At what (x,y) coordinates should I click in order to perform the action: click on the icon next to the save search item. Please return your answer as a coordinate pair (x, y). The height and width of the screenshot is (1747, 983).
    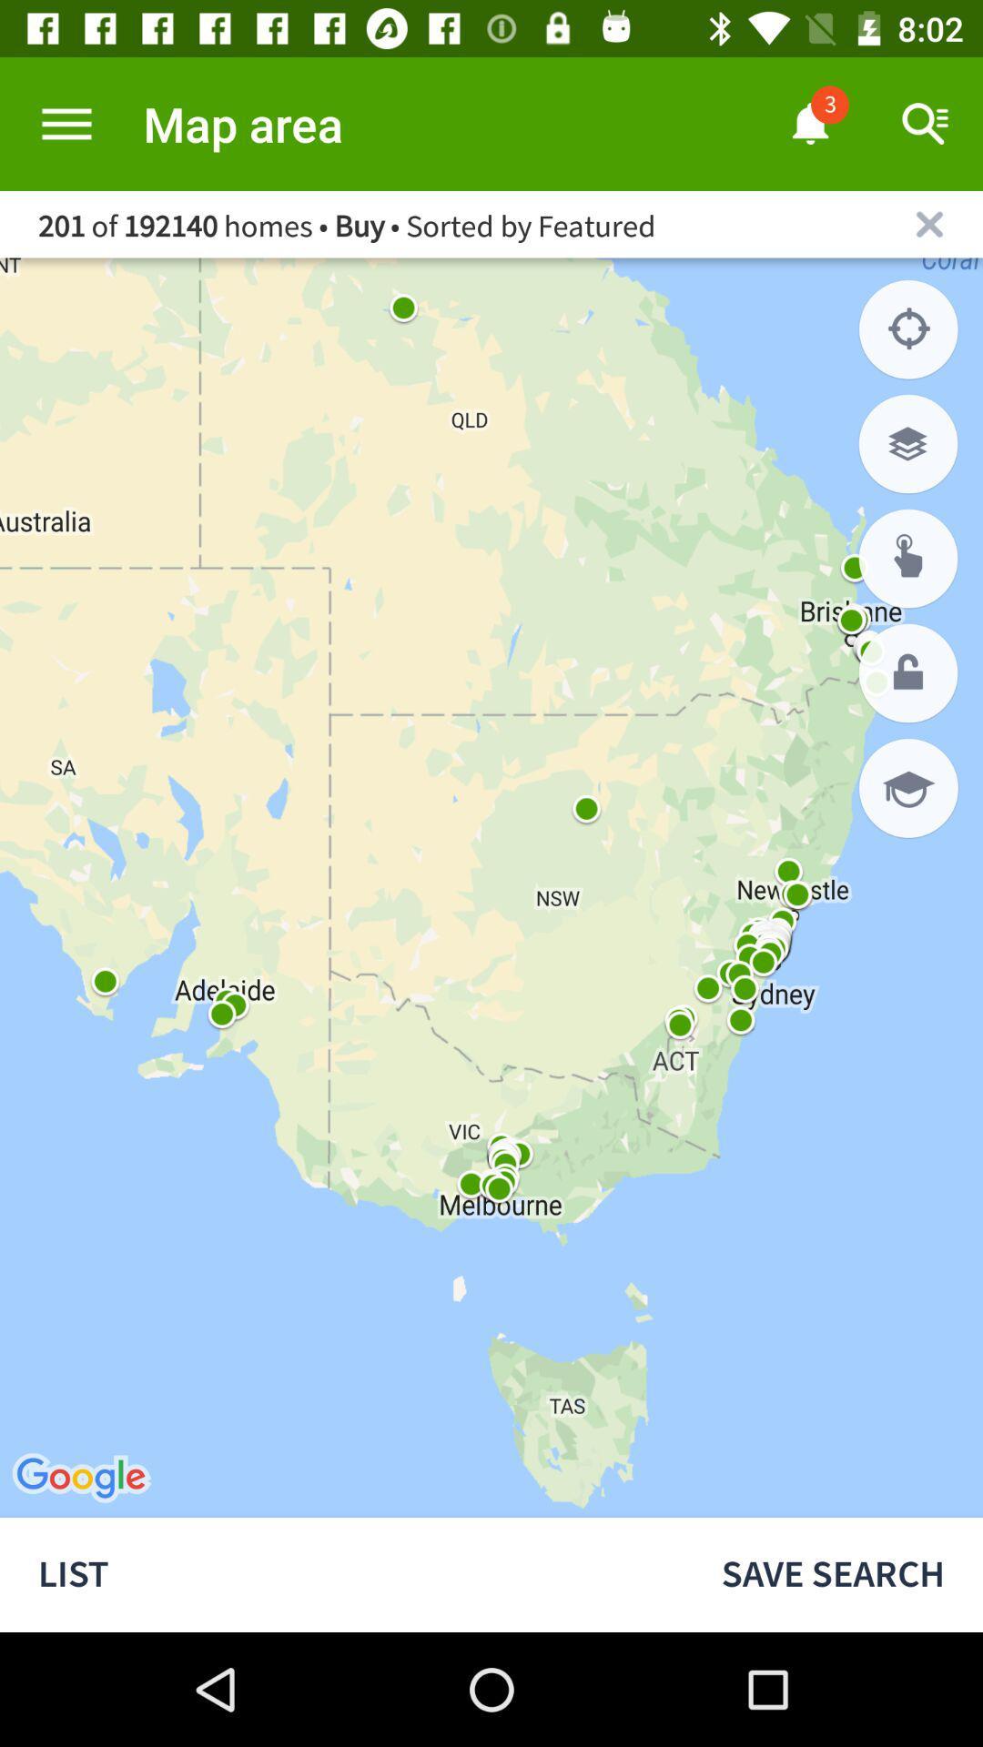
    Looking at the image, I should click on (341, 1574).